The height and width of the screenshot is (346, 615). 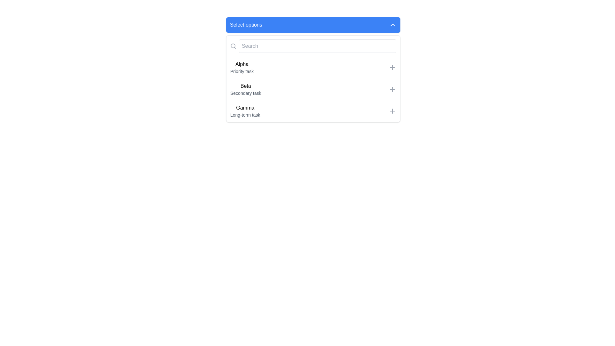 I want to click on the text label displaying 'Long-term task' that is styled in small gray font and positioned below the bold text 'Gamma' in the dropdown menu, so click(x=245, y=114).